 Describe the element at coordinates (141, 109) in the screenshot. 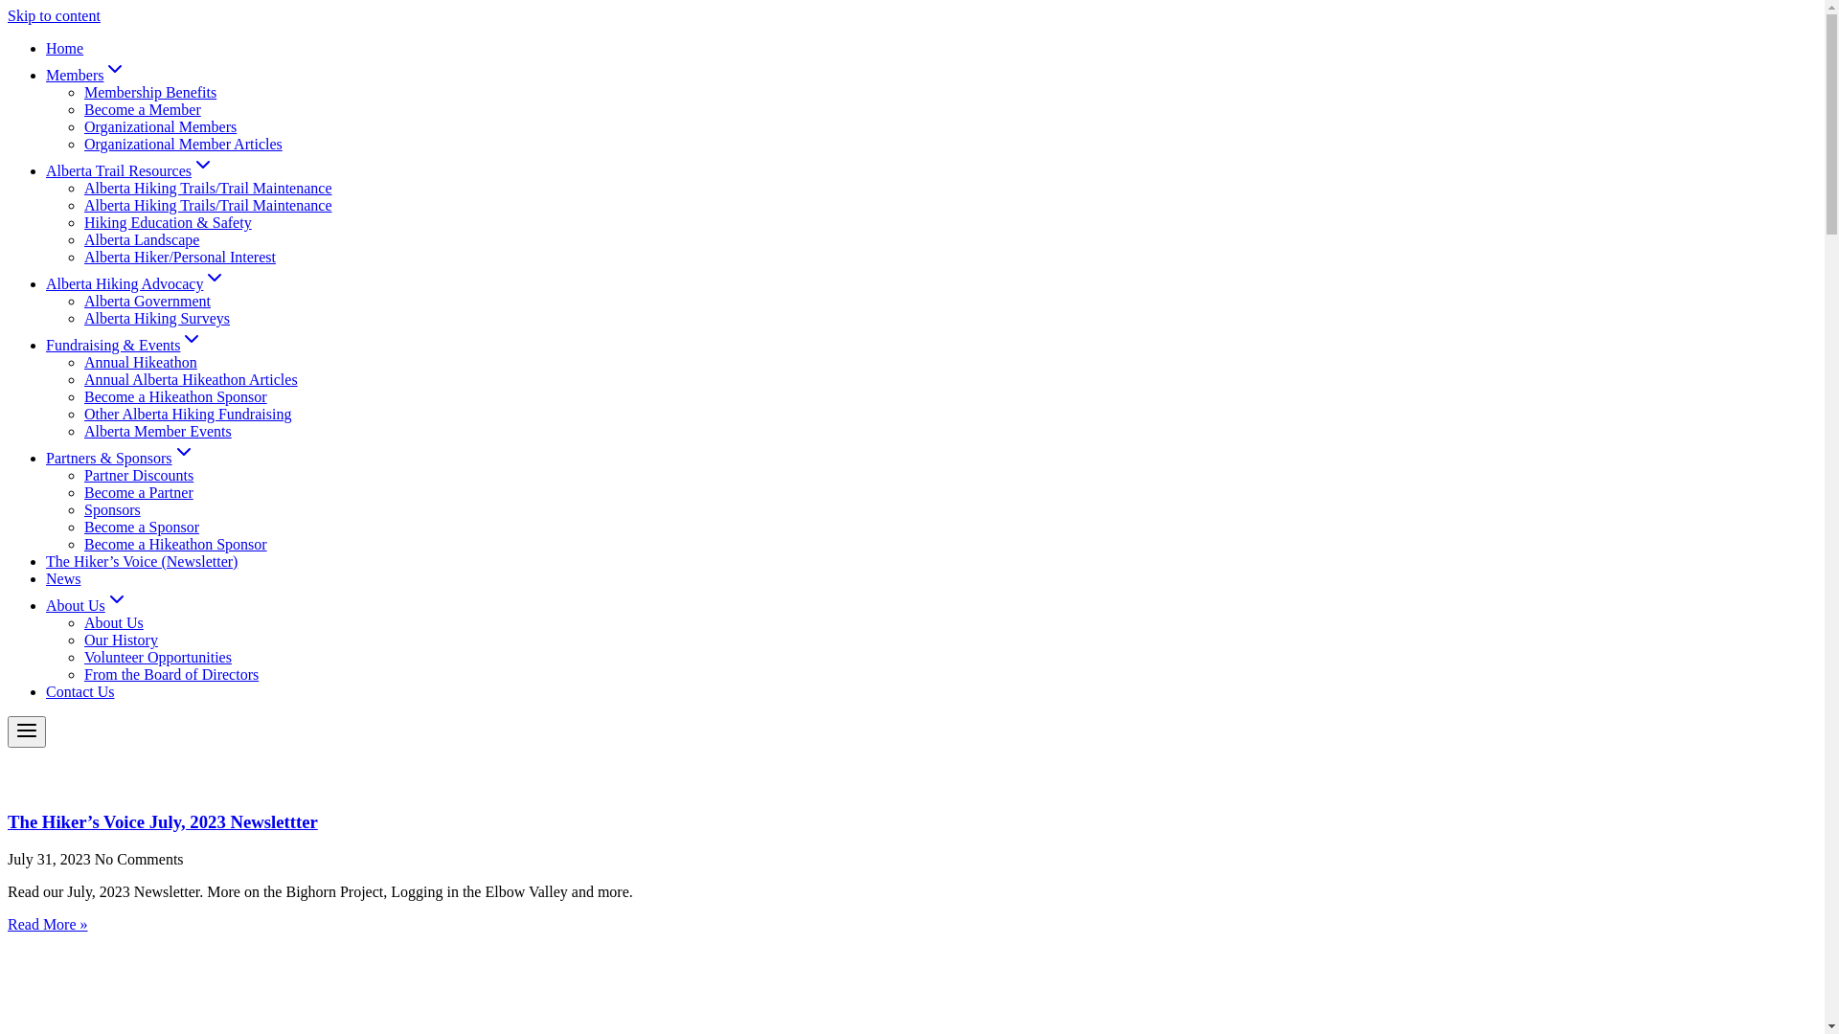

I see `'Become a Member'` at that location.